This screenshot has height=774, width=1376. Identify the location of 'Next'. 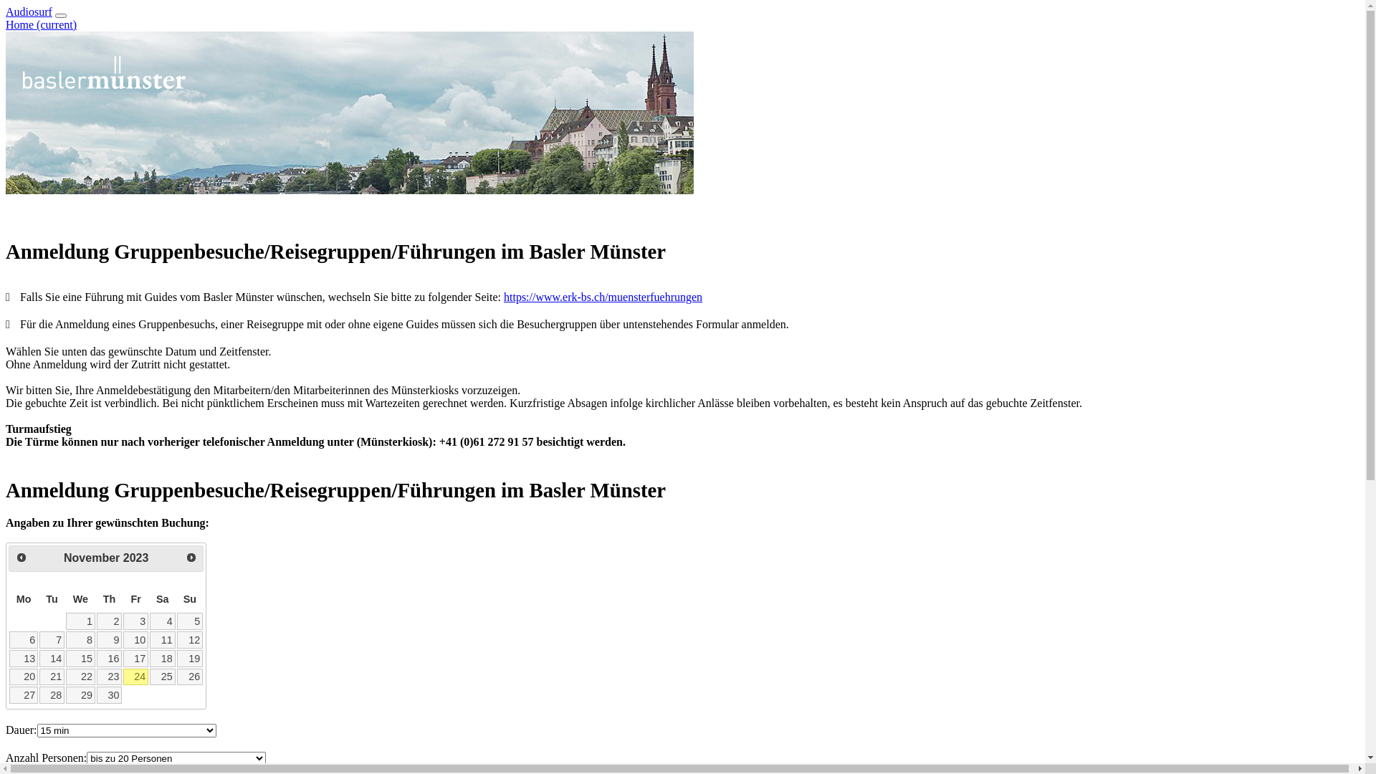
(190, 557).